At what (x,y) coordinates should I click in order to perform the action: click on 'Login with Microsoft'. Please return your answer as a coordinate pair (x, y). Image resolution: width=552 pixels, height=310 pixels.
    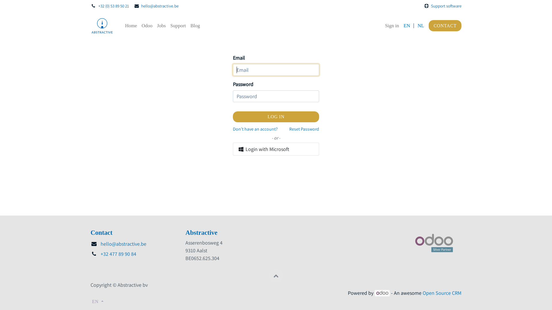
    Looking at the image, I should click on (276, 149).